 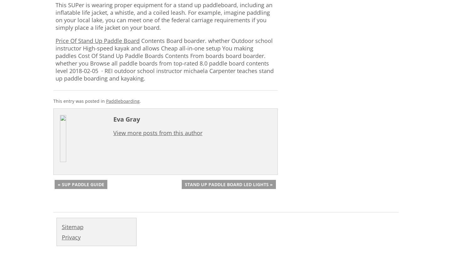 I want to click on 'Carpenter teaches stand up paddle boarding and kayaking.', so click(x=164, y=74).